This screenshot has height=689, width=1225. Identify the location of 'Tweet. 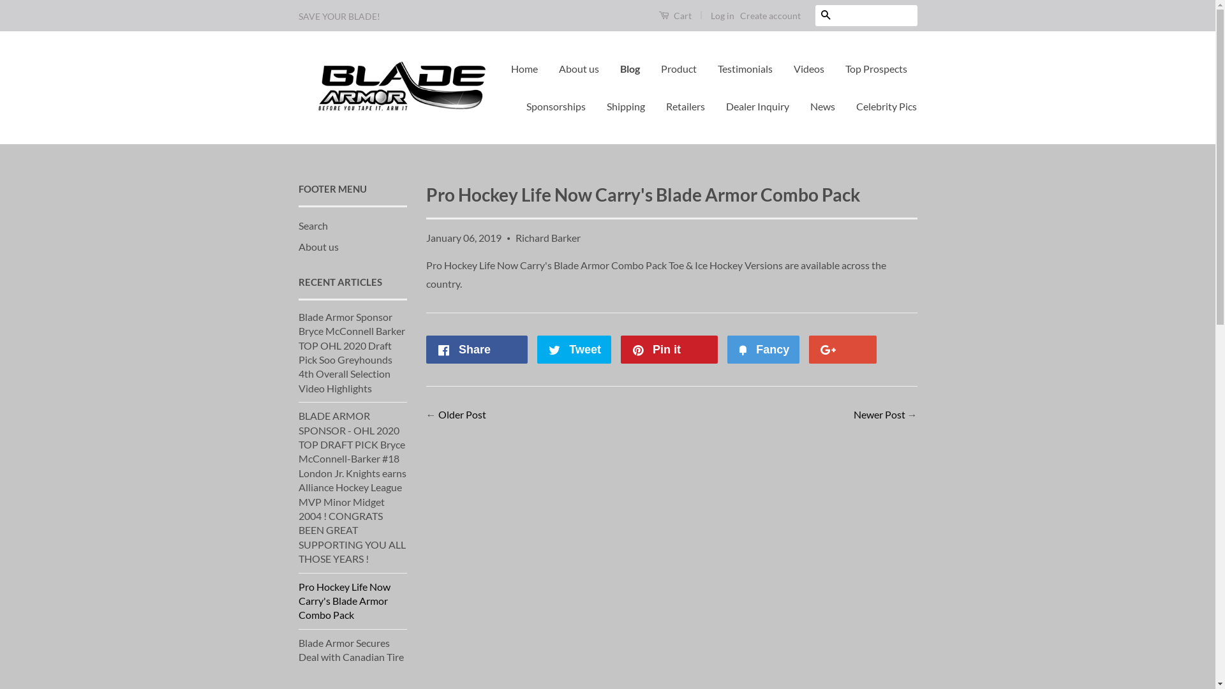
(574, 349).